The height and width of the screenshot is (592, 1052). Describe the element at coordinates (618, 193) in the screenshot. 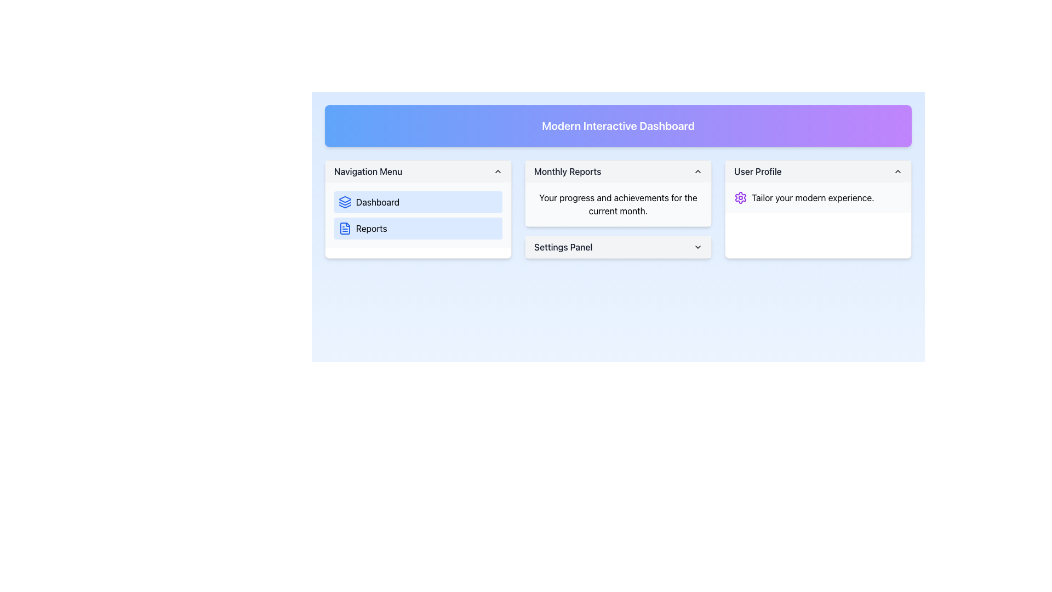

I see `the Informational panel labeled 'Monthly Reports' which contains the description 'Your progress and achievements for the current month.'` at that location.